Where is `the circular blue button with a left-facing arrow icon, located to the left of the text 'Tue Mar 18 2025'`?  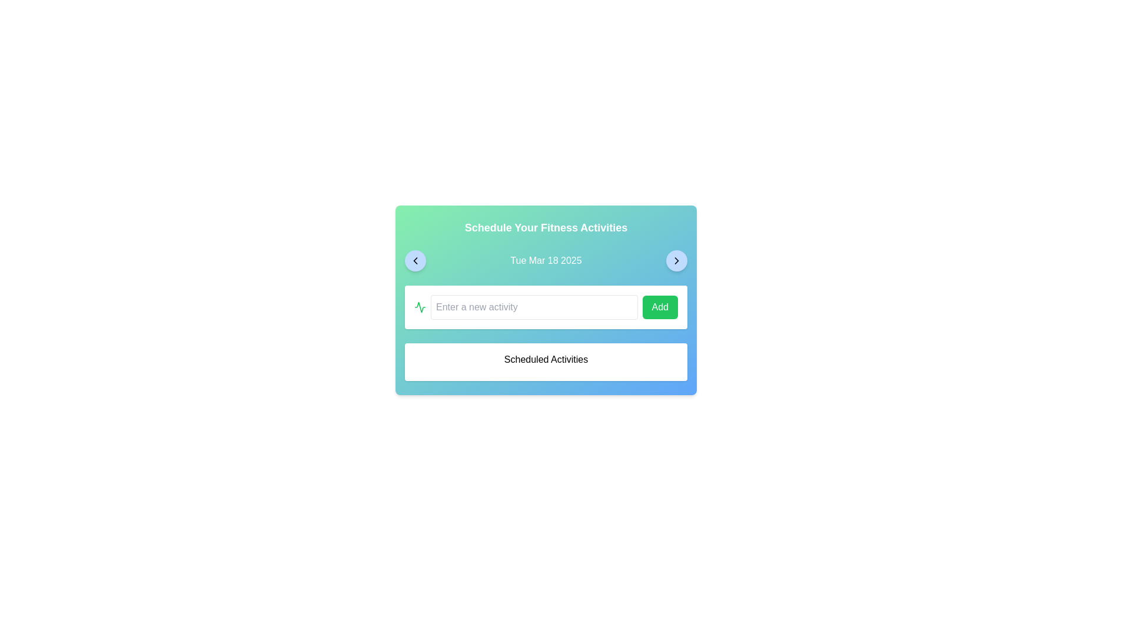
the circular blue button with a left-facing arrow icon, located to the left of the text 'Tue Mar 18 2025' is located at coordinates (415, 260).